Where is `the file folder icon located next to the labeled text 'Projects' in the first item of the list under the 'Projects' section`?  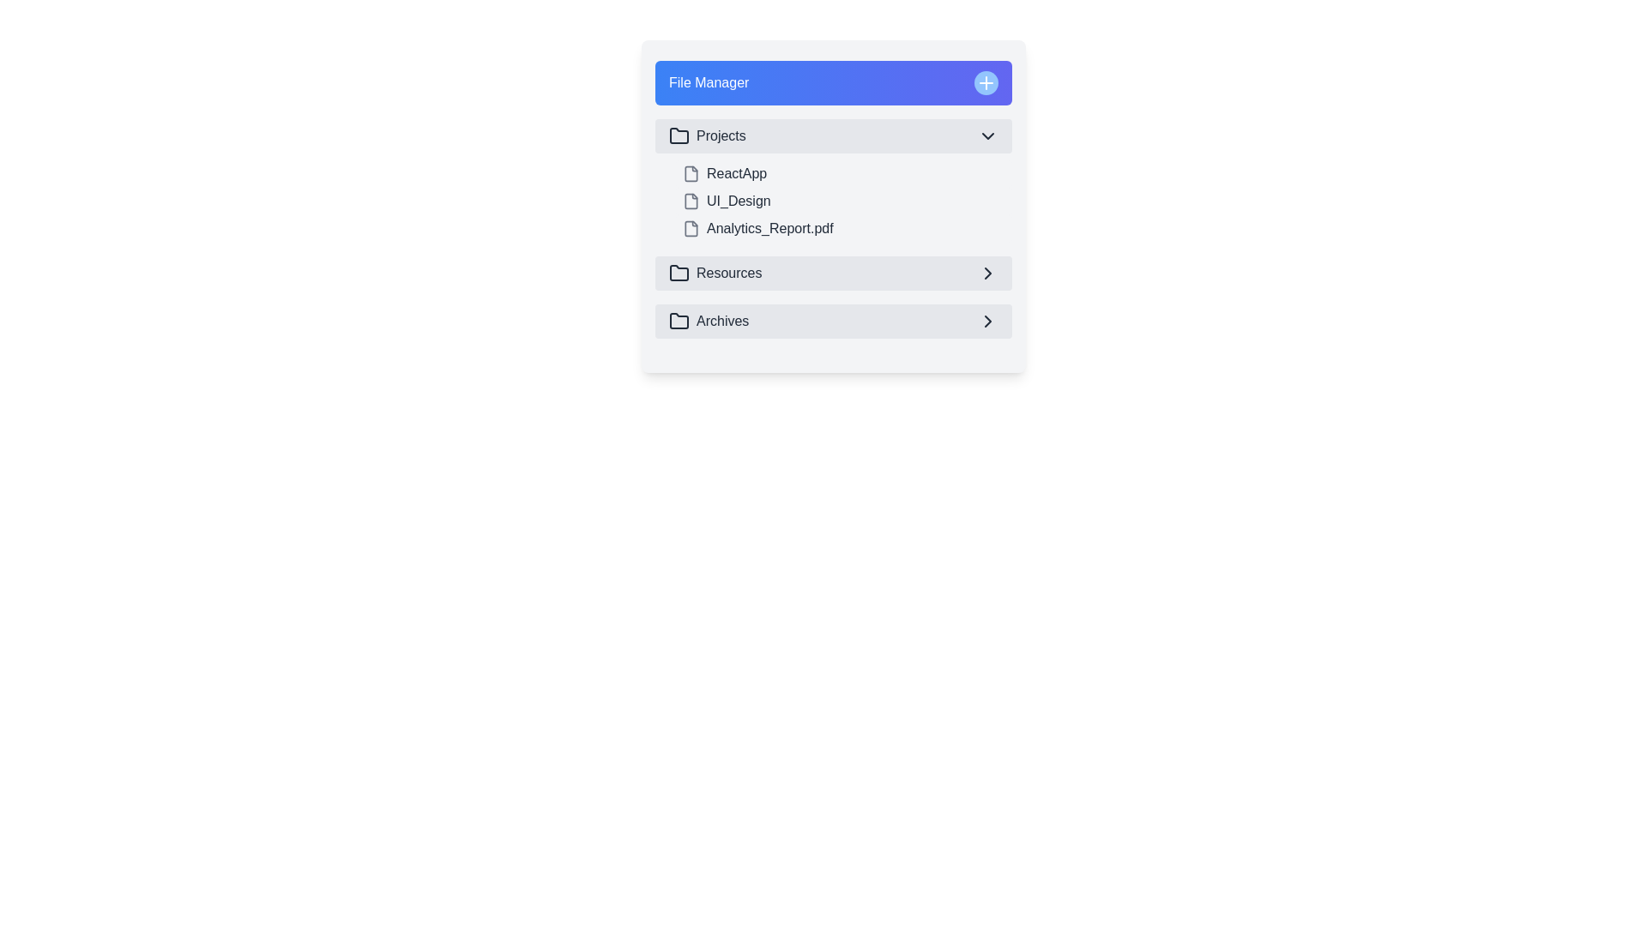
the file folder icon located next to the labeled text 'Projects' in the first item of the list under the 'Projects' section is located at coordinates (679, 135).